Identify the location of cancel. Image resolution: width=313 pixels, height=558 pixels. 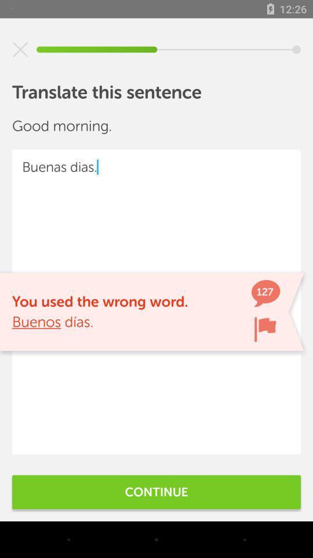
(20, 49).